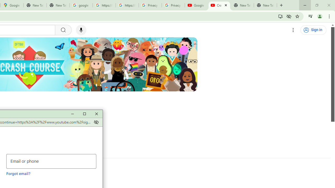  Describe the element at coordinates (293, 30) in the screenshot. I see `'Settings'` at that location.